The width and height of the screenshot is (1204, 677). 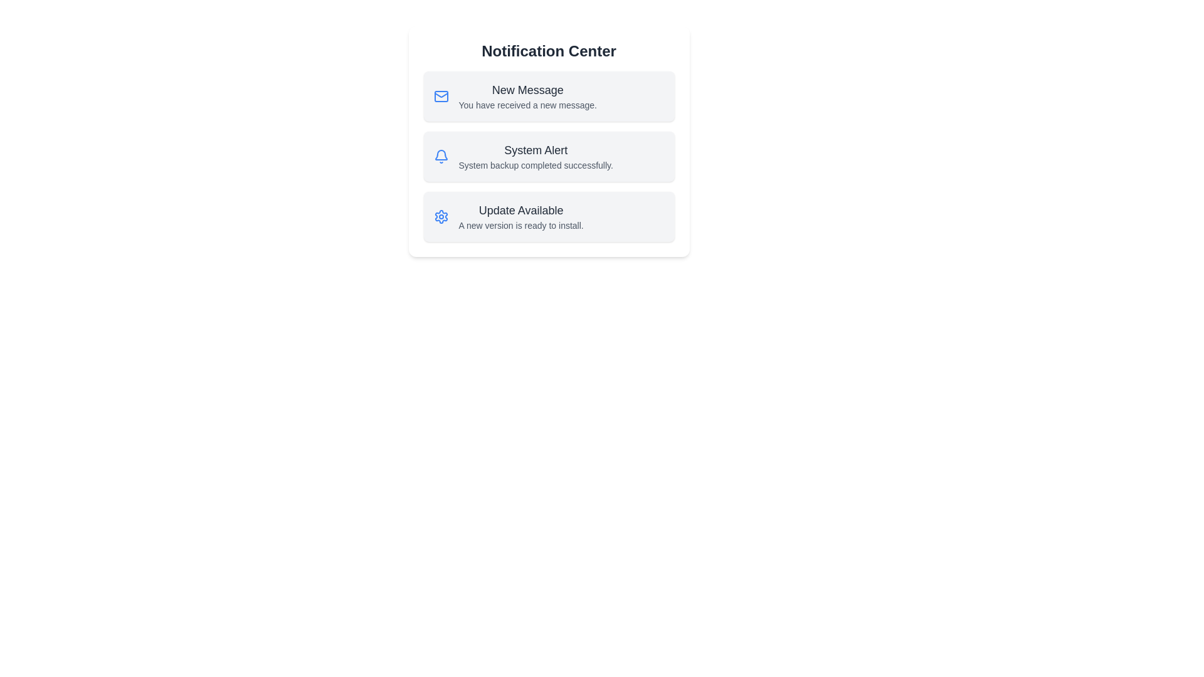 What do you see at coordinates (536, 149) in the screenshot?
I see `the 'System Alert' text label located in the middle item of the vertical list in the notification center` at bounding box center [536, 149].